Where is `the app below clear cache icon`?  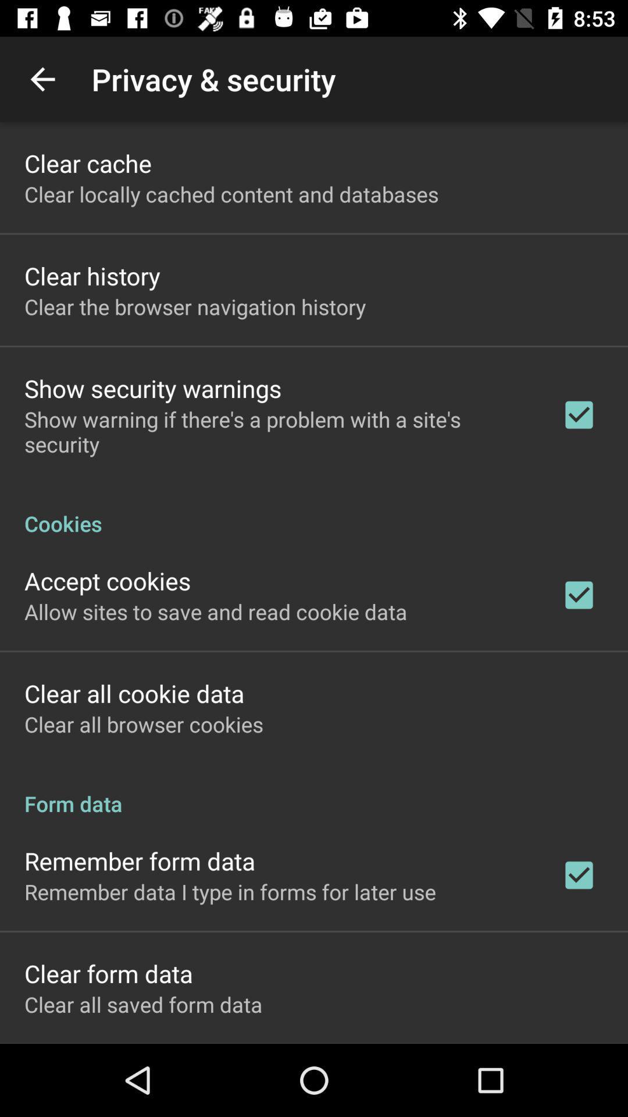
the app below clear cache icon is located at coordinates (231, 194).